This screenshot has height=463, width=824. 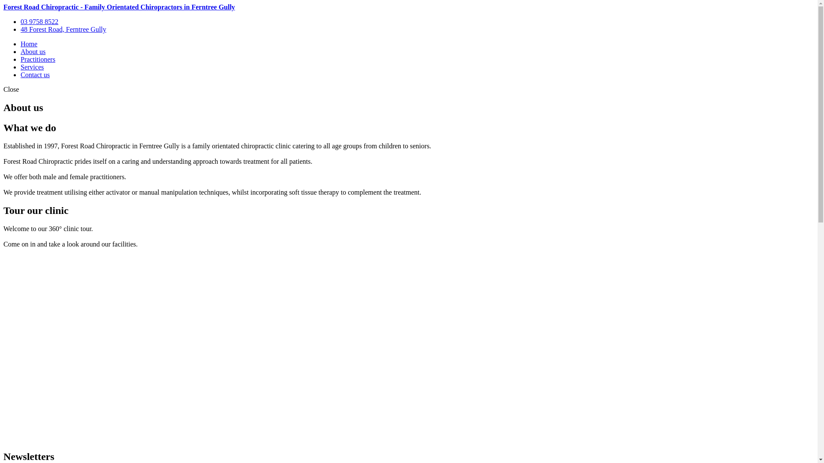 I want to click on 'Home', so click(x=21, y=44).